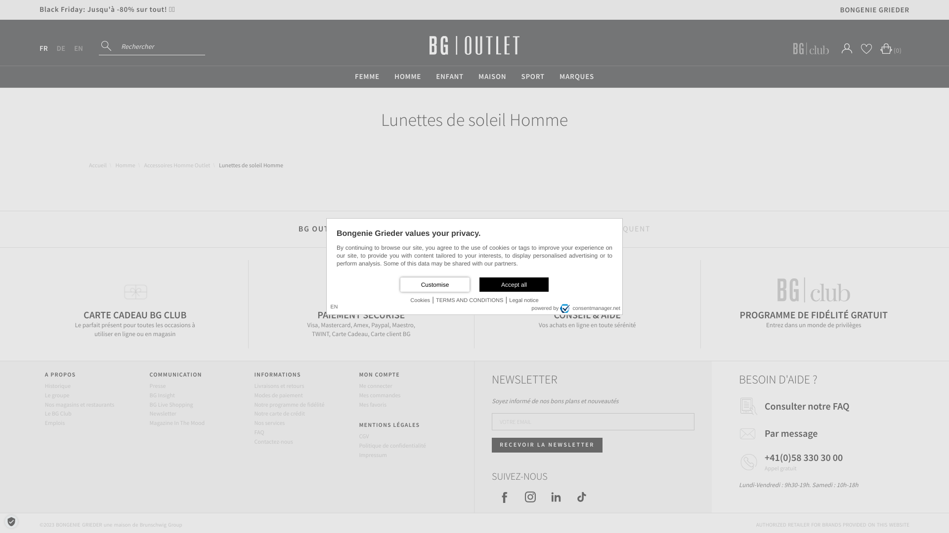 The image size is (949, 533). What do you see at coordinates (547, 445) in the screenshot?
I see `'RECEVOIR LA NEWSLETTER'` at bounding box center [547, 445].